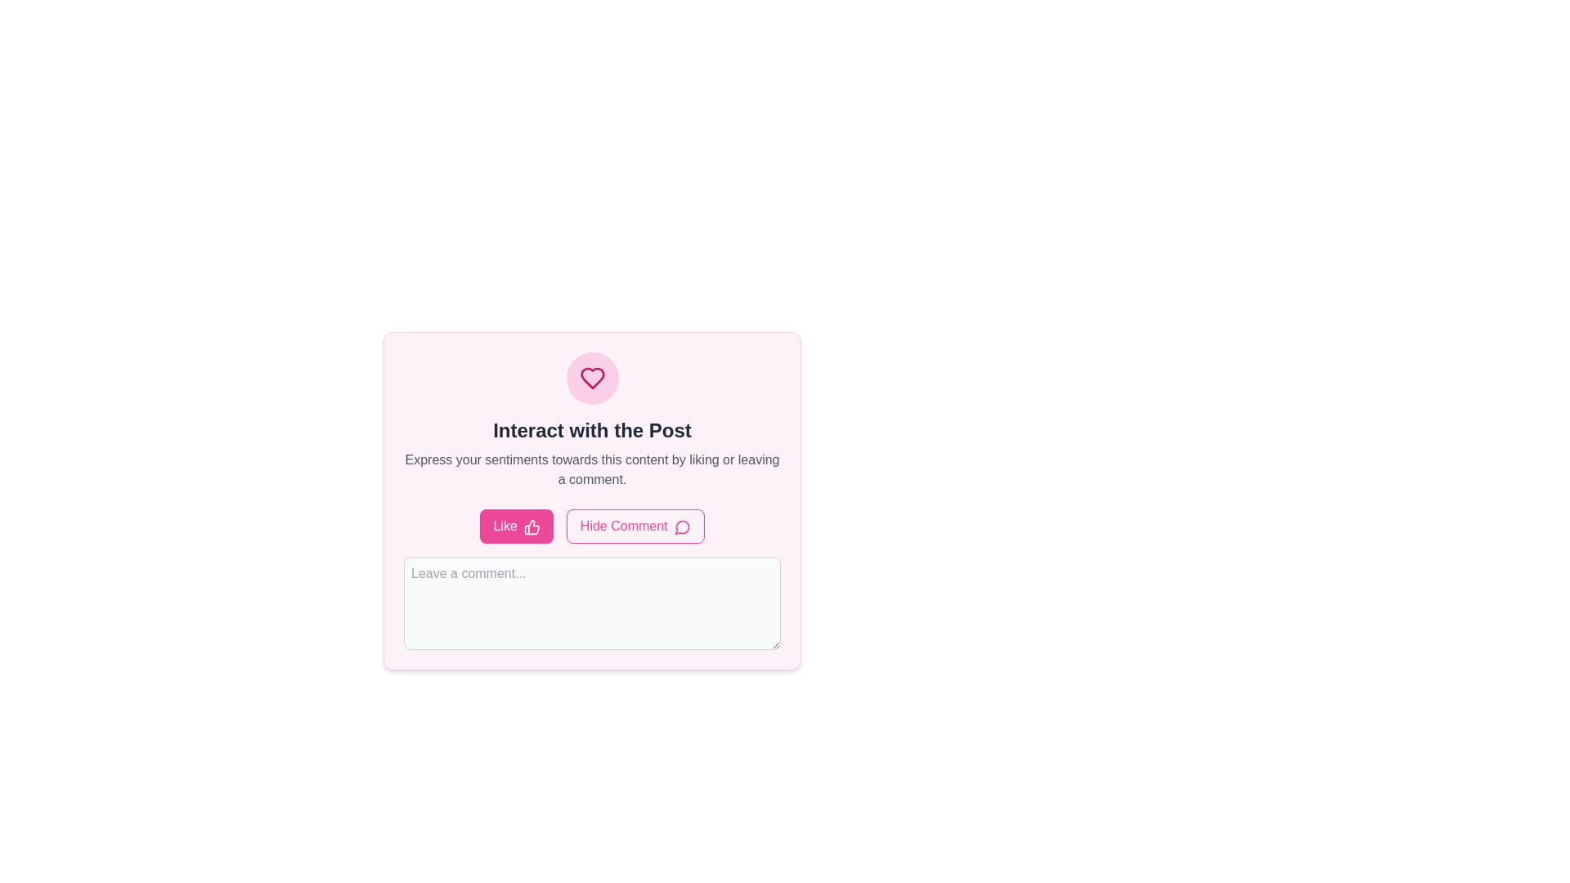  Describe the element at coordinates (591, 430) in the screenshot. I see `the centrally aligned Text Label that introduces interactive features of the post, located below a pink heart icon` at that location.